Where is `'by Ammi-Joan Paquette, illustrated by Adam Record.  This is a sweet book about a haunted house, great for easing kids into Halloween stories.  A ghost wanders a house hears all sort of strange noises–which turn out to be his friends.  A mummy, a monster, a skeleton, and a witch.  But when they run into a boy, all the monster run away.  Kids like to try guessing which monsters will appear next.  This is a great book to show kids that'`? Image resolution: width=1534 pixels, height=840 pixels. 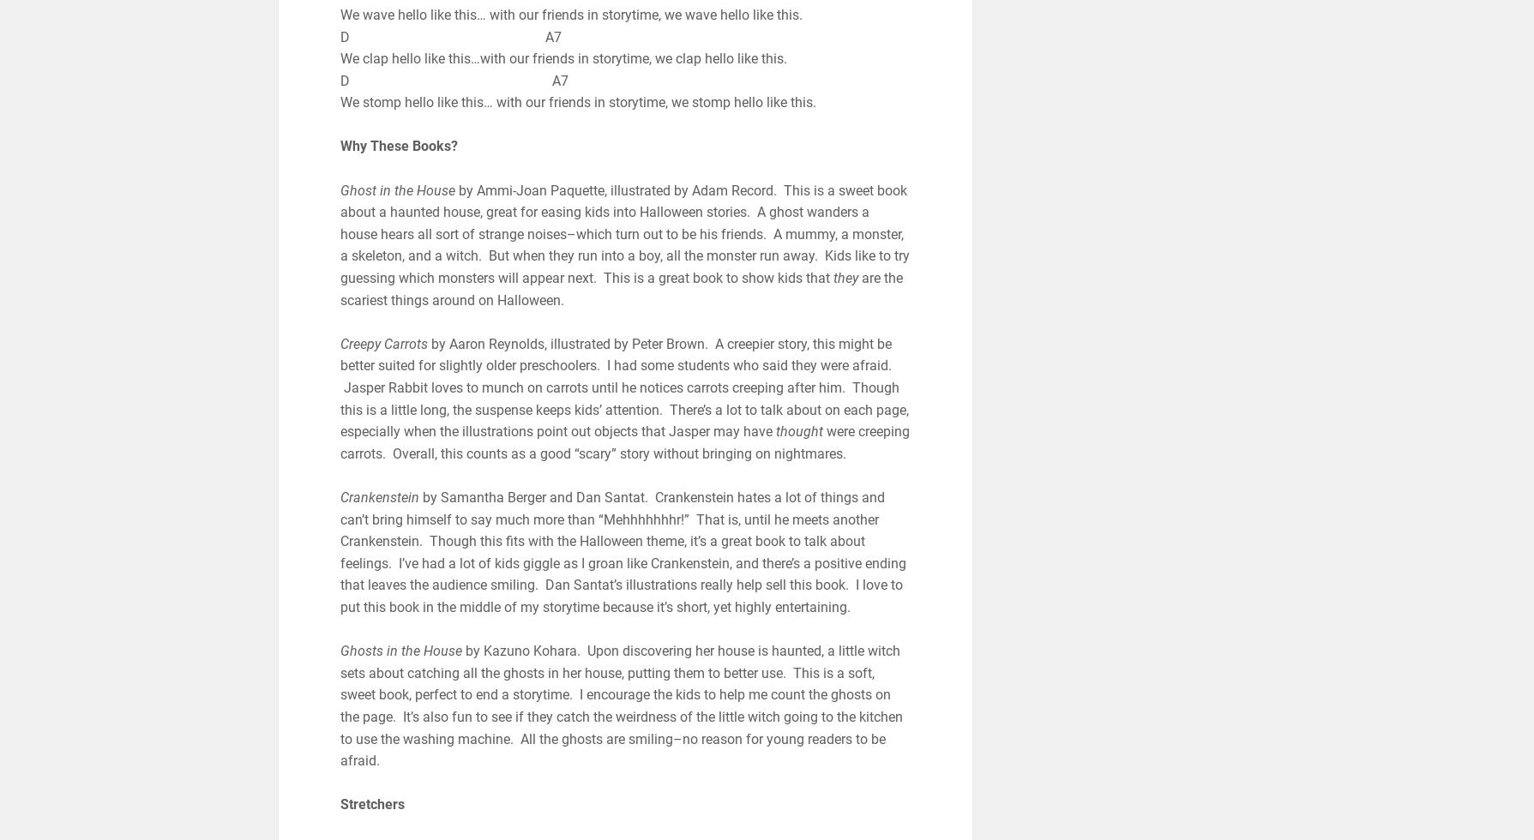
'by Ammi-Joan Paquette, illustrated by Adam Record.  This is a sweet book about a haunted house, great for easing kids into Halloween stories.  A ghost wanders a house hears all sort of strange noises–which turn out to be his friends.  A mummy, a monster, a skeleton, and a witch.  But when they run into a boy, all the monster run away.  Kids like to try guessing which monsters will appear next.  This is a great book to show kids that' is located at coordinates (339, 234).